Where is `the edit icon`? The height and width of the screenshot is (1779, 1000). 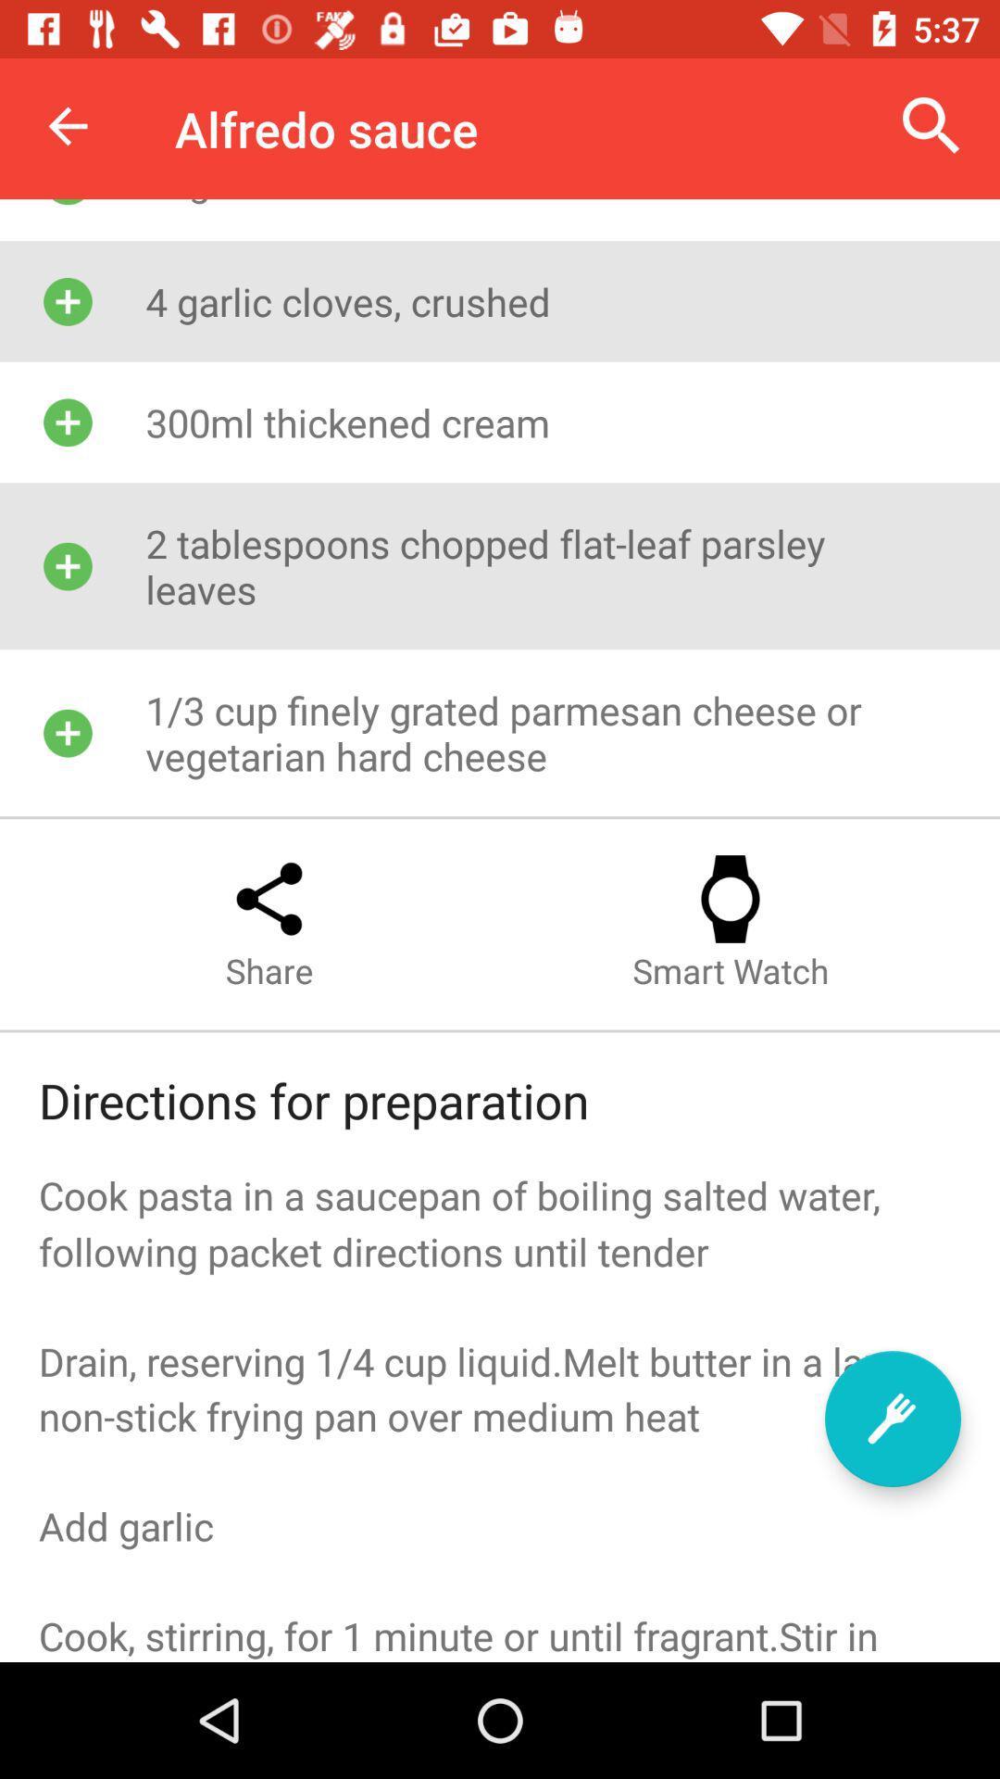 the edit icon is located at coordinates (892, 1418).